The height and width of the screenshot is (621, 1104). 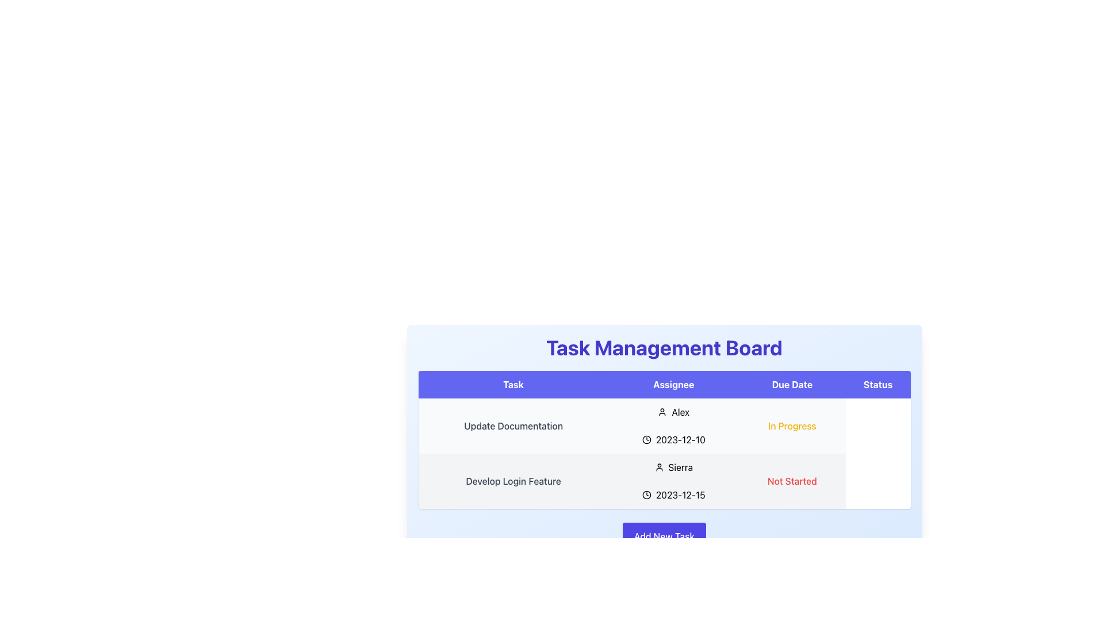 What do you see at coordinates (664, 384) in the screenshot?
I see `the table header row with sections labeled 'Task', 'Assignee', 'Due Date', and 'Status', which has an indigo background and white centered text` at bounding box center [664, 384].